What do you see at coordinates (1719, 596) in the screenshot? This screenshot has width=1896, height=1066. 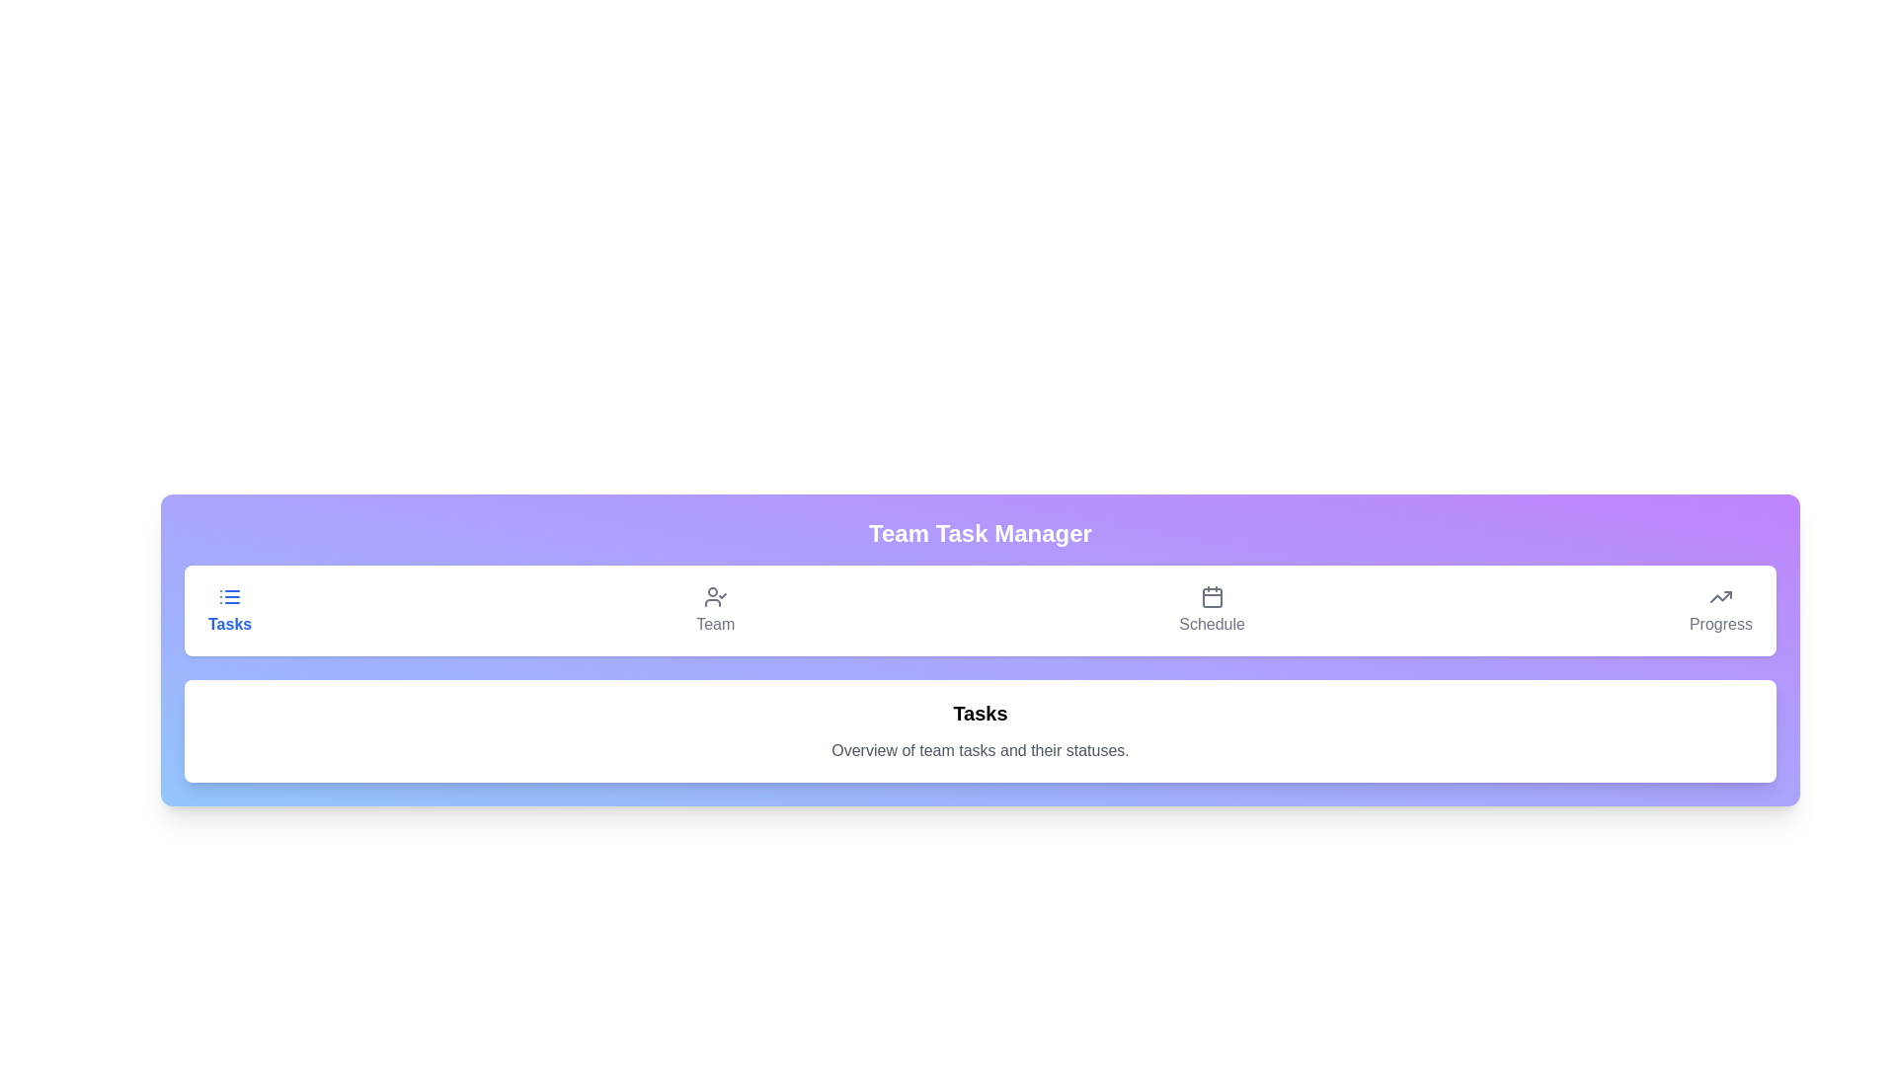 I see `the progress icon located in the top navigation bar, far-right, above the text label 'Progress'` at bounding box center [1719, 596].